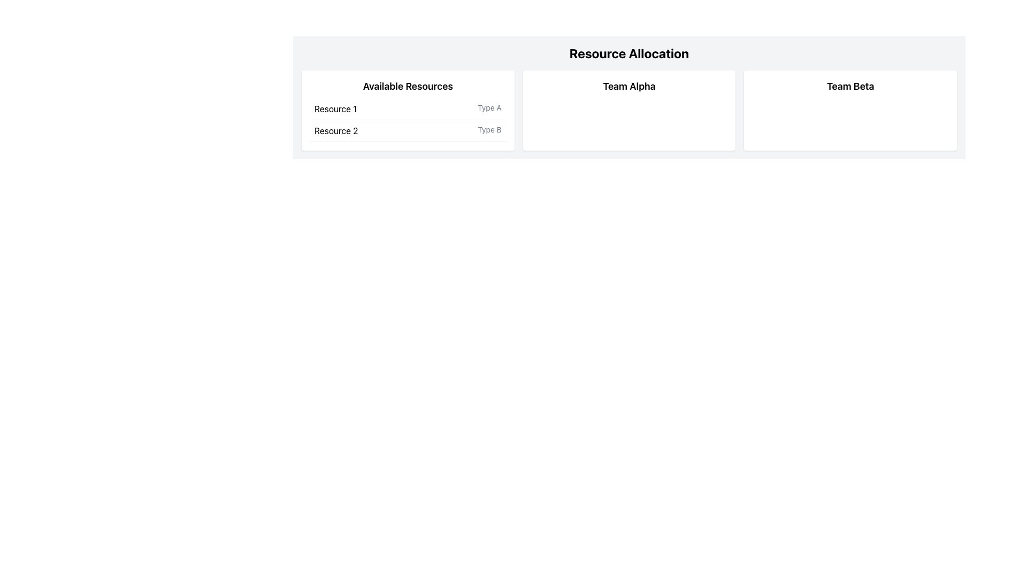  I want to click on the second resource entry in the 'Available Resources' section, so click(407, 120).